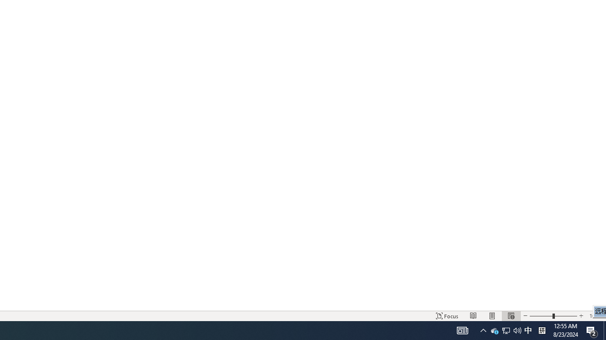  Describe the element at coordinates (595, 316) in the screenshot. I see `'Zoom 100%'` at that location.